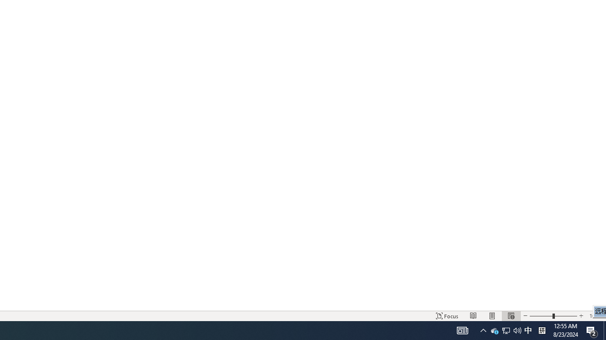  Describe the element at coordinates (595, 316) in the screenshot. I see `'Zoom 100%'` at that location.